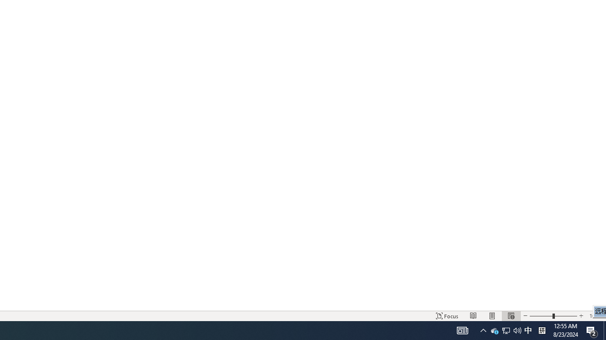  Describe the element at coordinates (595, 316) in the screenshot. I see `'Zoom 100%'` at that location.